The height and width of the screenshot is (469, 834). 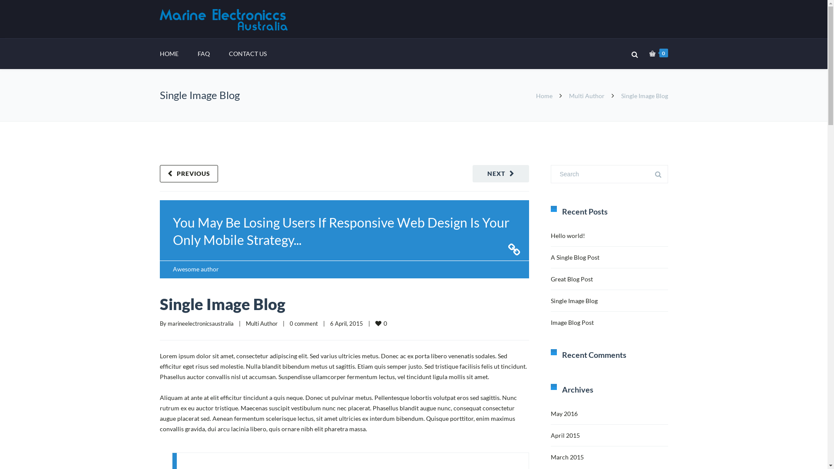 What do you see at coordinates (550, 235) in the screenshot?
I see `'Hello world!'` at bounding box center [550, 235].